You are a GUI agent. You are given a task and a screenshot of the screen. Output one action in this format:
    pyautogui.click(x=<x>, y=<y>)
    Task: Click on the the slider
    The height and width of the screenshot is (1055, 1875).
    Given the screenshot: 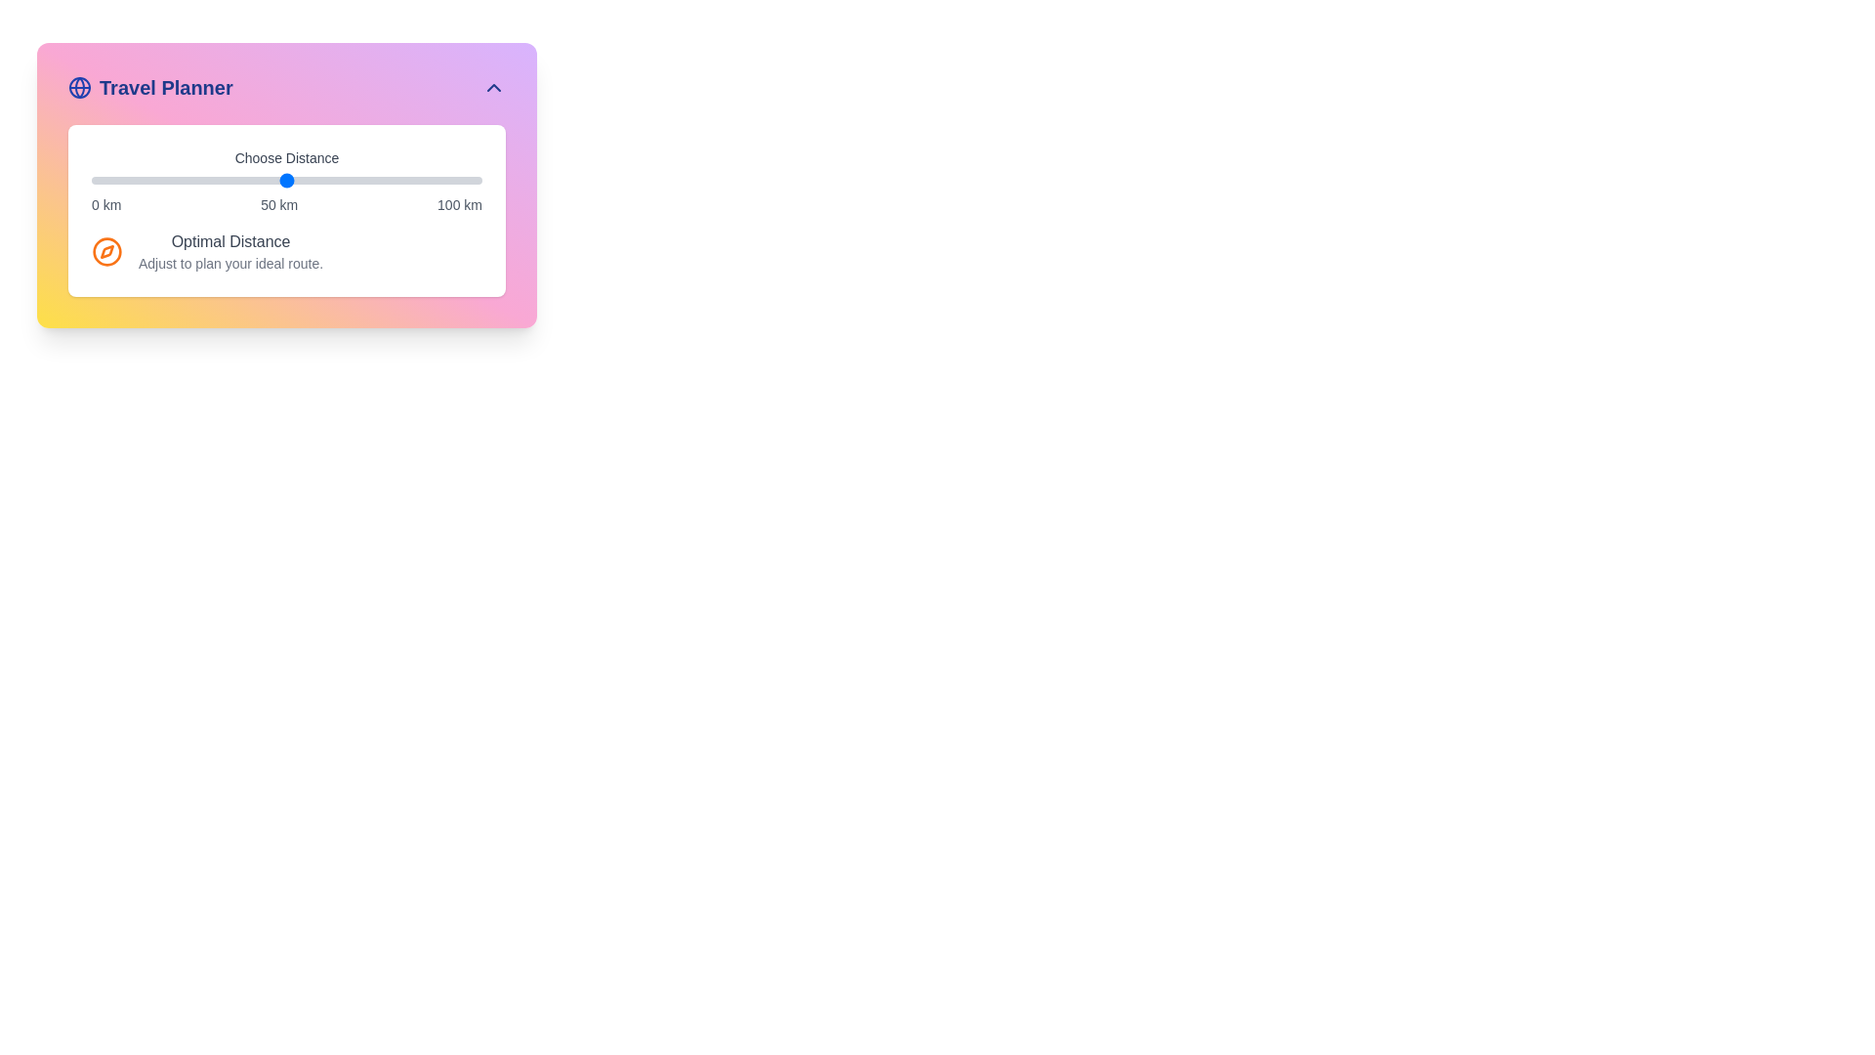 What is the action you would take?
    pyautogui.click(x=309, y=181)
    